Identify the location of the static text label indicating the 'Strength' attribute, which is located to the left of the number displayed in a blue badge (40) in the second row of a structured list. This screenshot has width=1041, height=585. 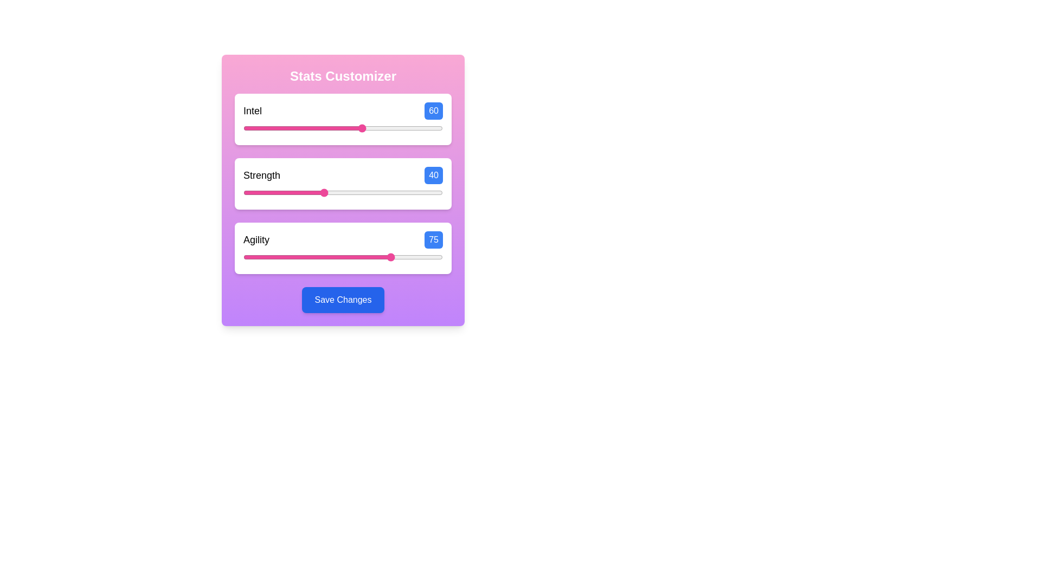
(262, 175).